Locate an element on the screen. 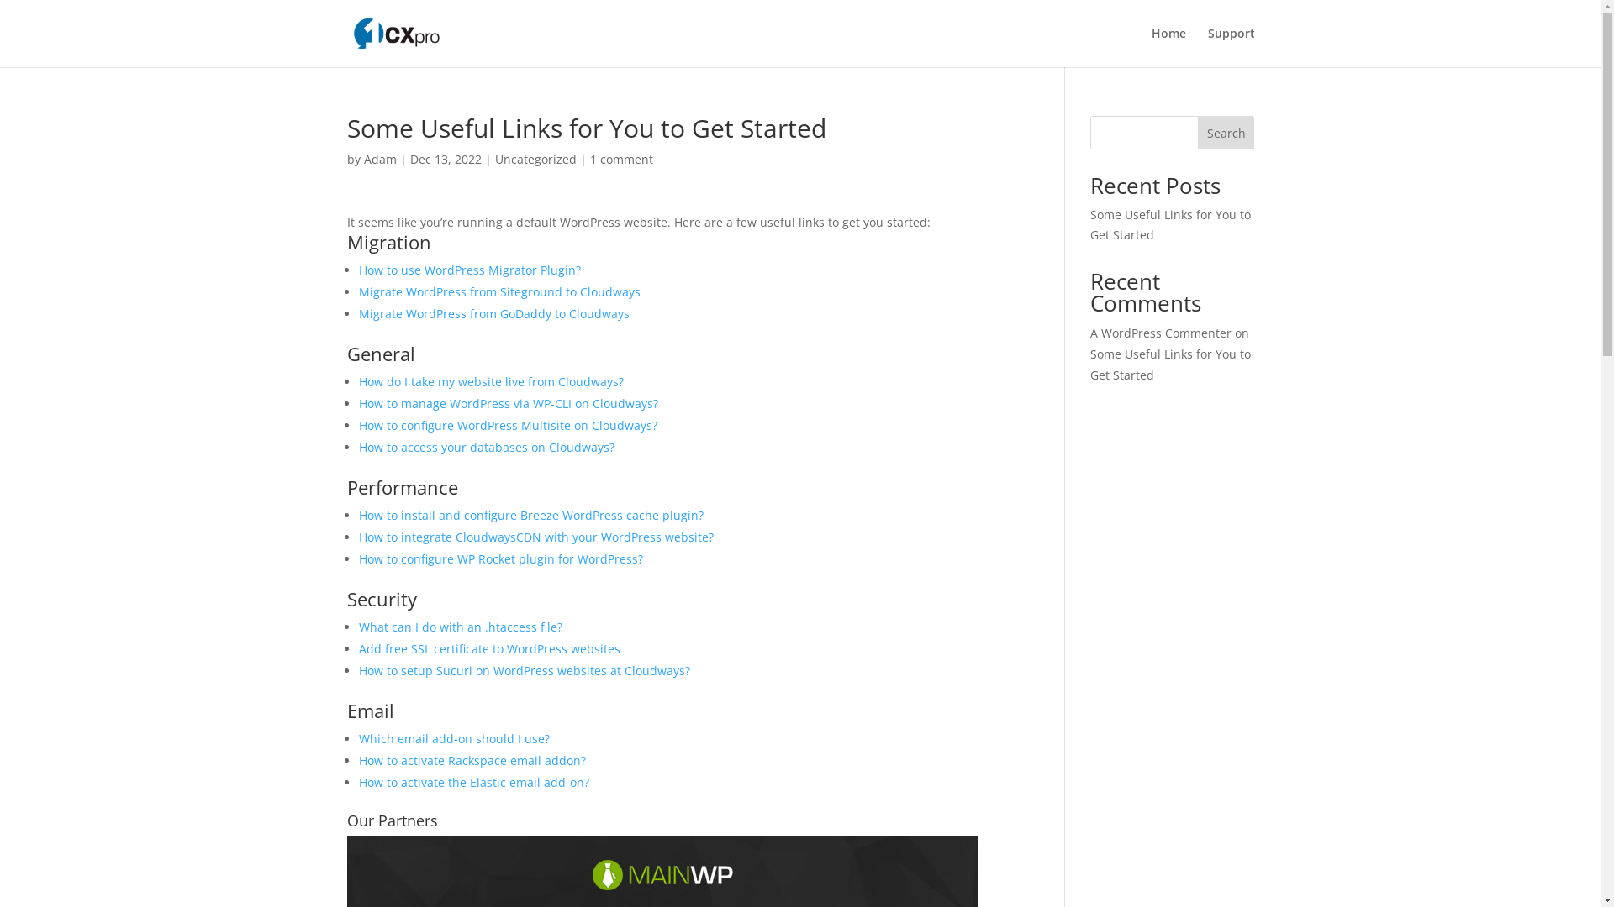 This screenshot has width=1614, height=907. 'How to install and configure Breeze WordPress cache plugin?' is located at coordinates (529, 514).